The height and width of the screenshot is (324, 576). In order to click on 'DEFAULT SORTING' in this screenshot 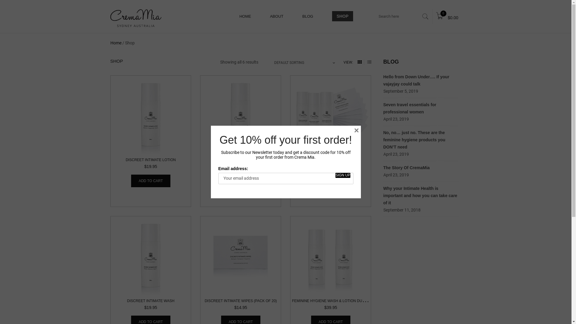, I will do `click(274, 62)`.